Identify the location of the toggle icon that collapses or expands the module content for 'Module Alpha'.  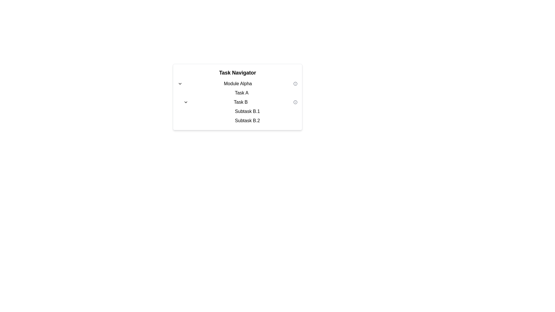
(180, 83).